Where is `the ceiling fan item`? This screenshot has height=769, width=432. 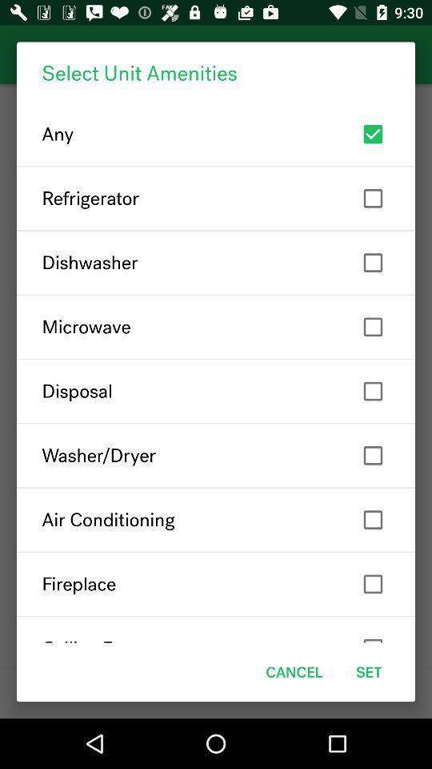
the ceiling fan item is located at coordinates (216, 630).